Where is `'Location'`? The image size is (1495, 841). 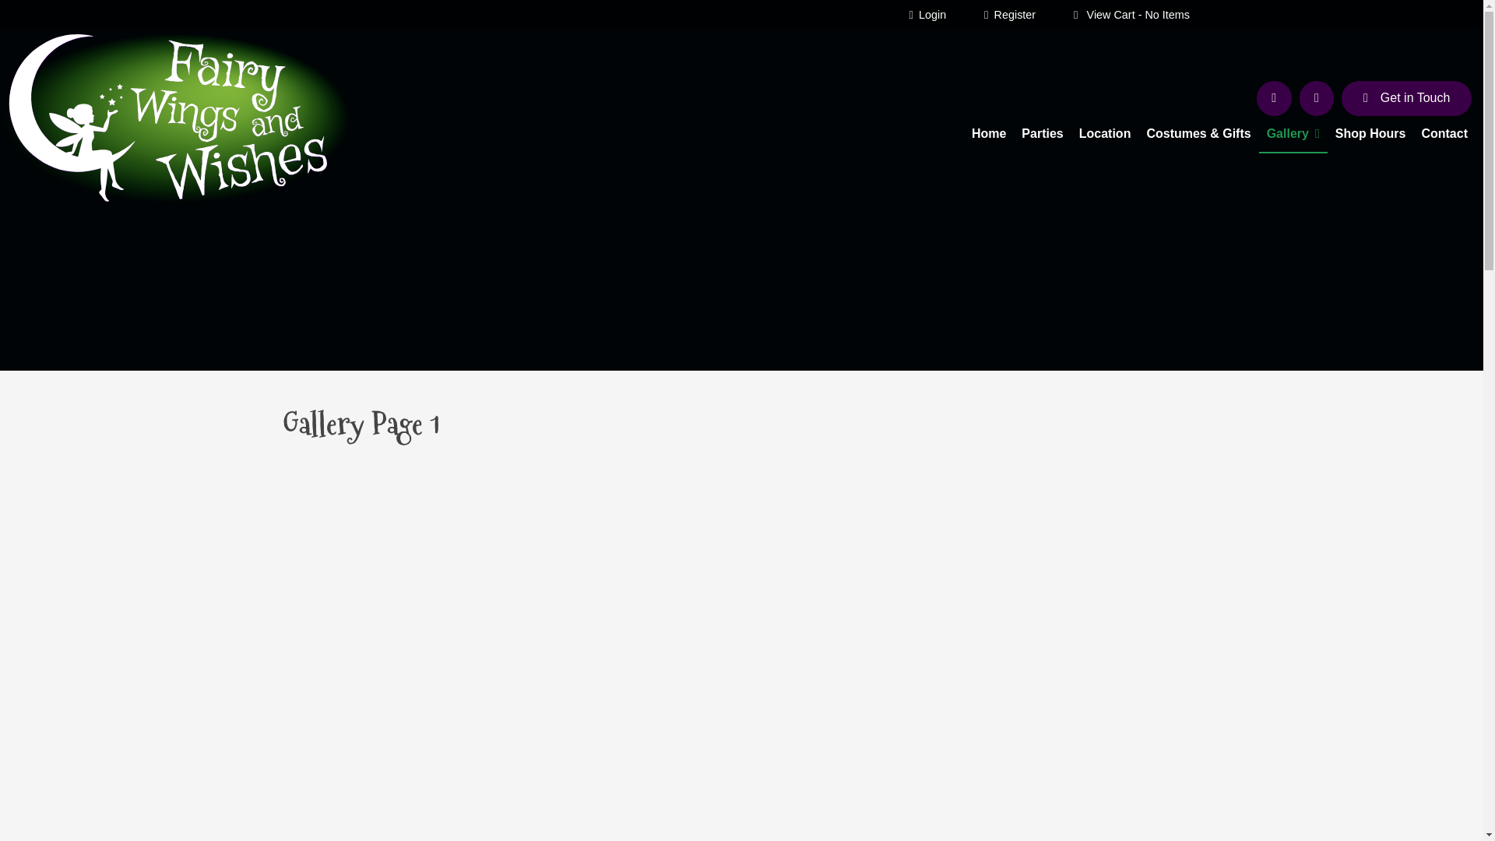 'Location' is located at coordinates (1104, 134).